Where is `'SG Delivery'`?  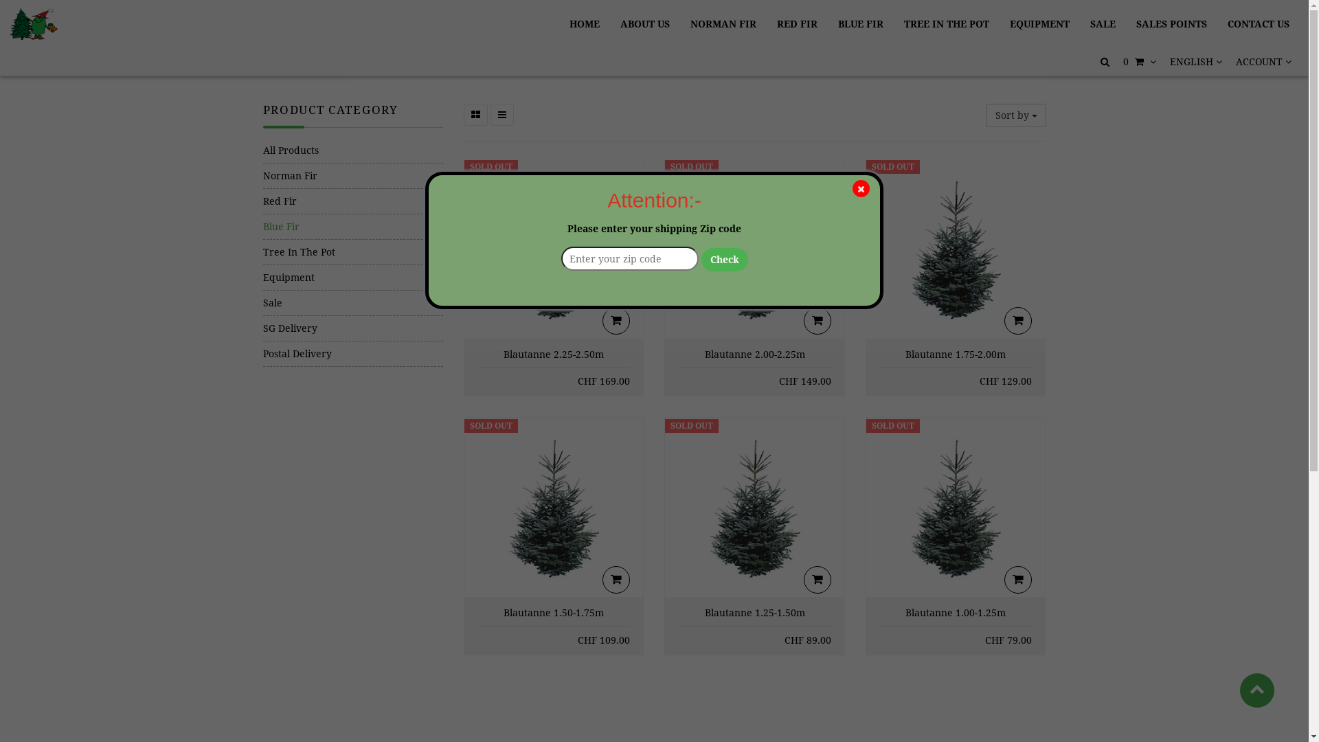
'SG Delivery' is located at coordinates (352, 328).